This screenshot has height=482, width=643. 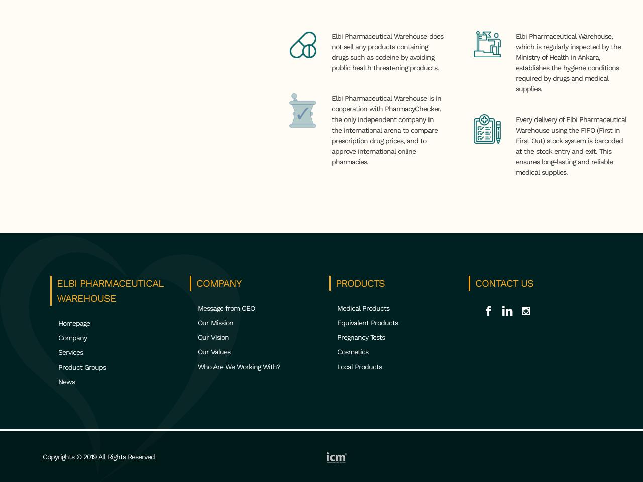 What do you see at coordinates (360, 283) in the screenshot?
I see `'PRODUCTS'` at bounding box center [360, 283].